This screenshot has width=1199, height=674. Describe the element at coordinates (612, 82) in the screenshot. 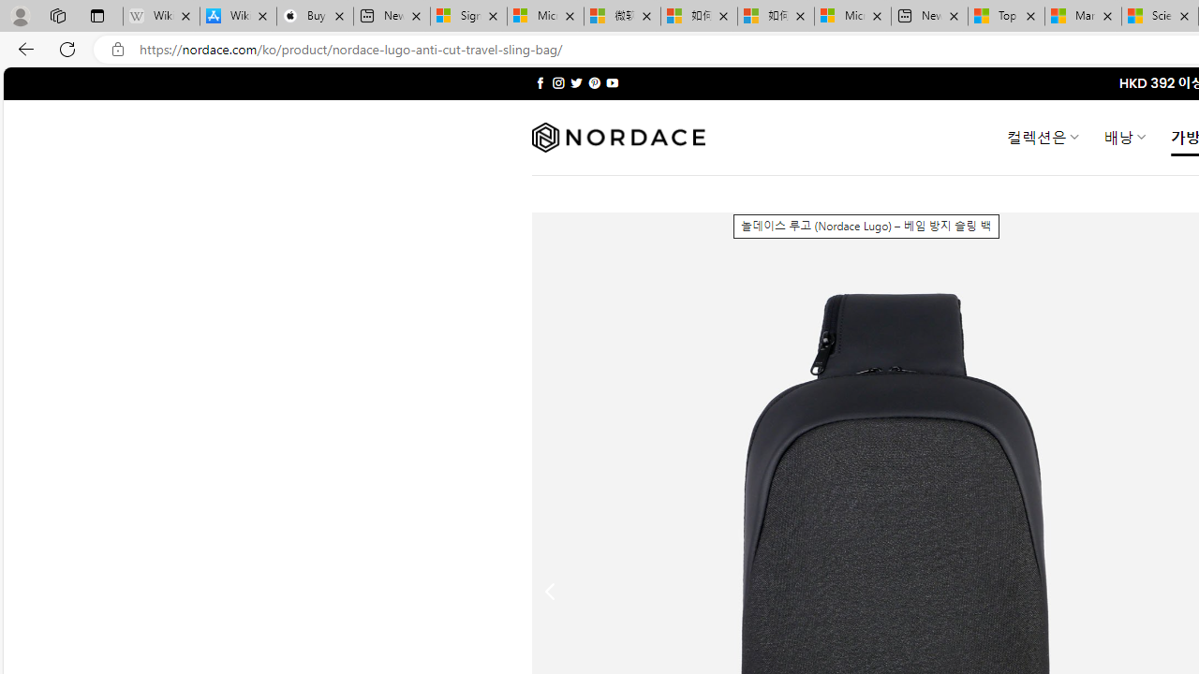

I see `'Follow on YouTube'` at that location.